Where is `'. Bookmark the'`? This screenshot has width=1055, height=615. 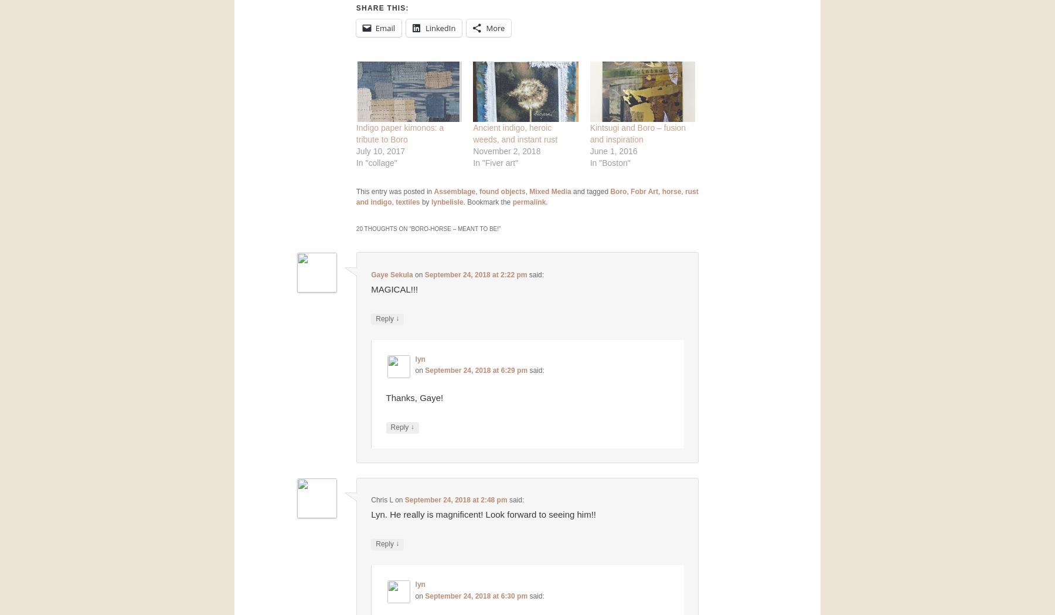
'. Bookmark the' is located at coordinates (487, 201).